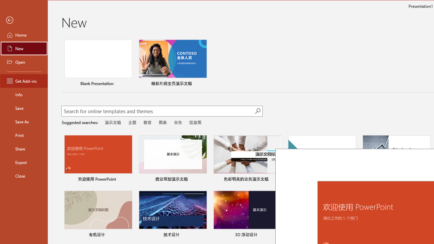 Image resolution: width=434 pixels, height=244 pixels. I want to click on 'Back', so click(24, 20).